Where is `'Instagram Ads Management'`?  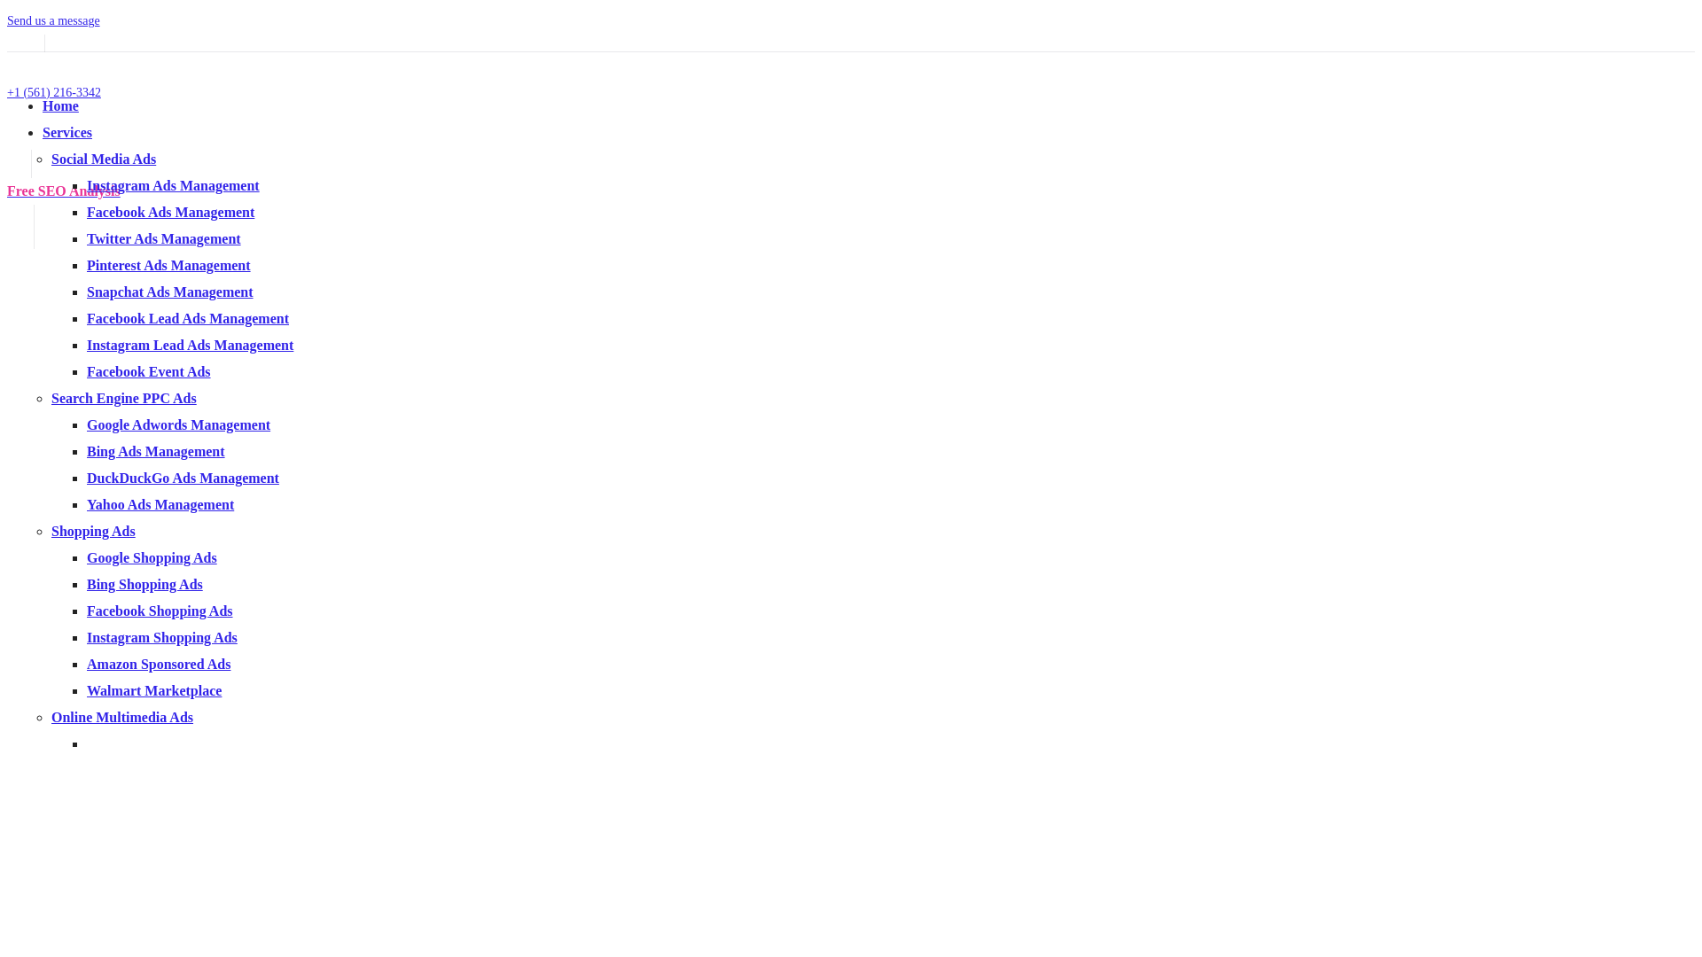
'Instagram Ads Management' is located at coordinates (173, 185).